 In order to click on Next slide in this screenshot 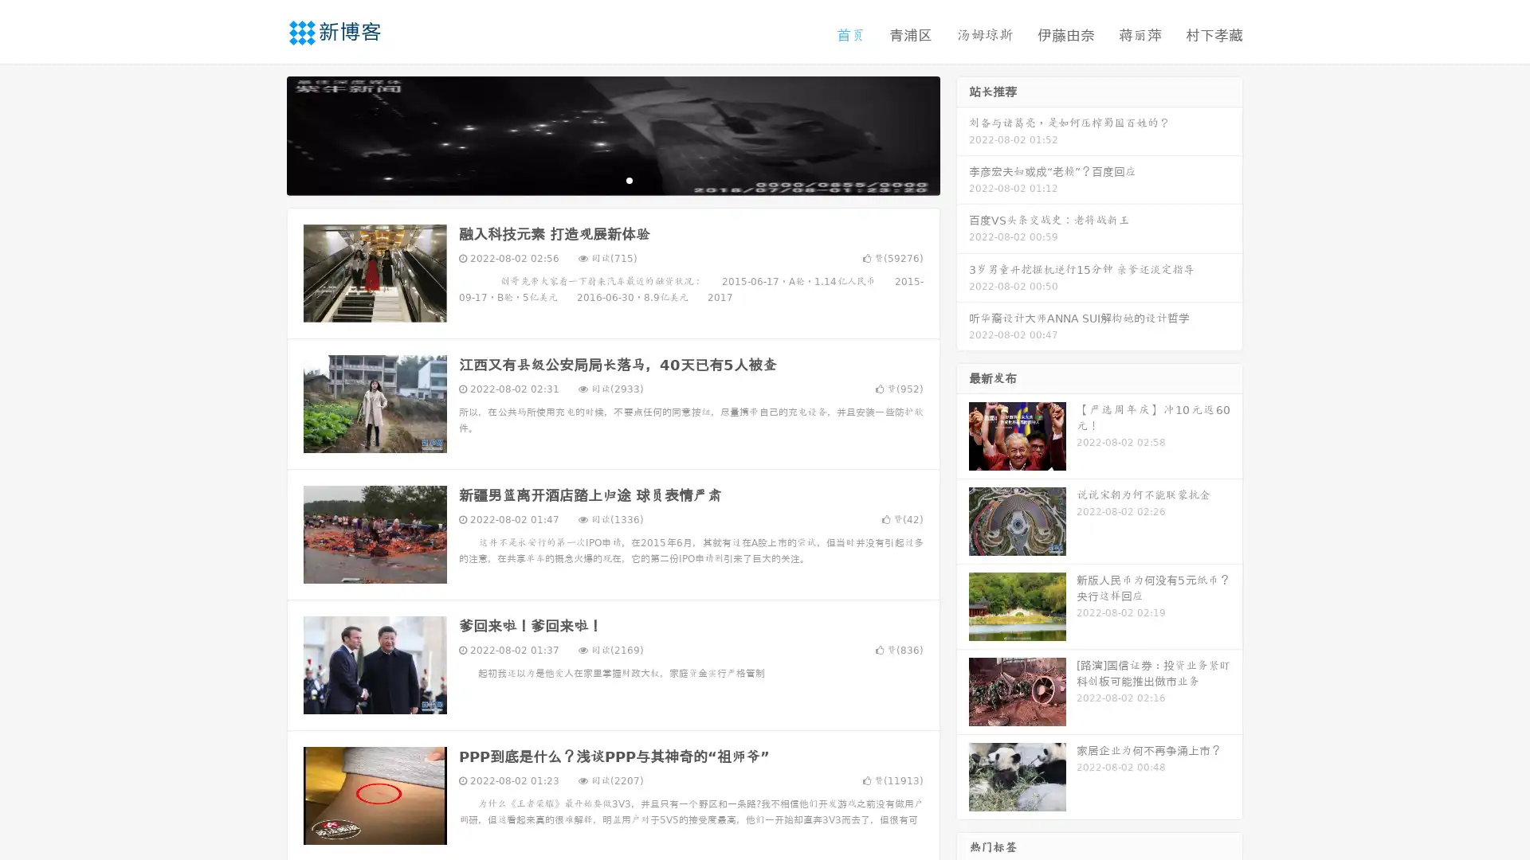, I will do `click(963, 134)`.